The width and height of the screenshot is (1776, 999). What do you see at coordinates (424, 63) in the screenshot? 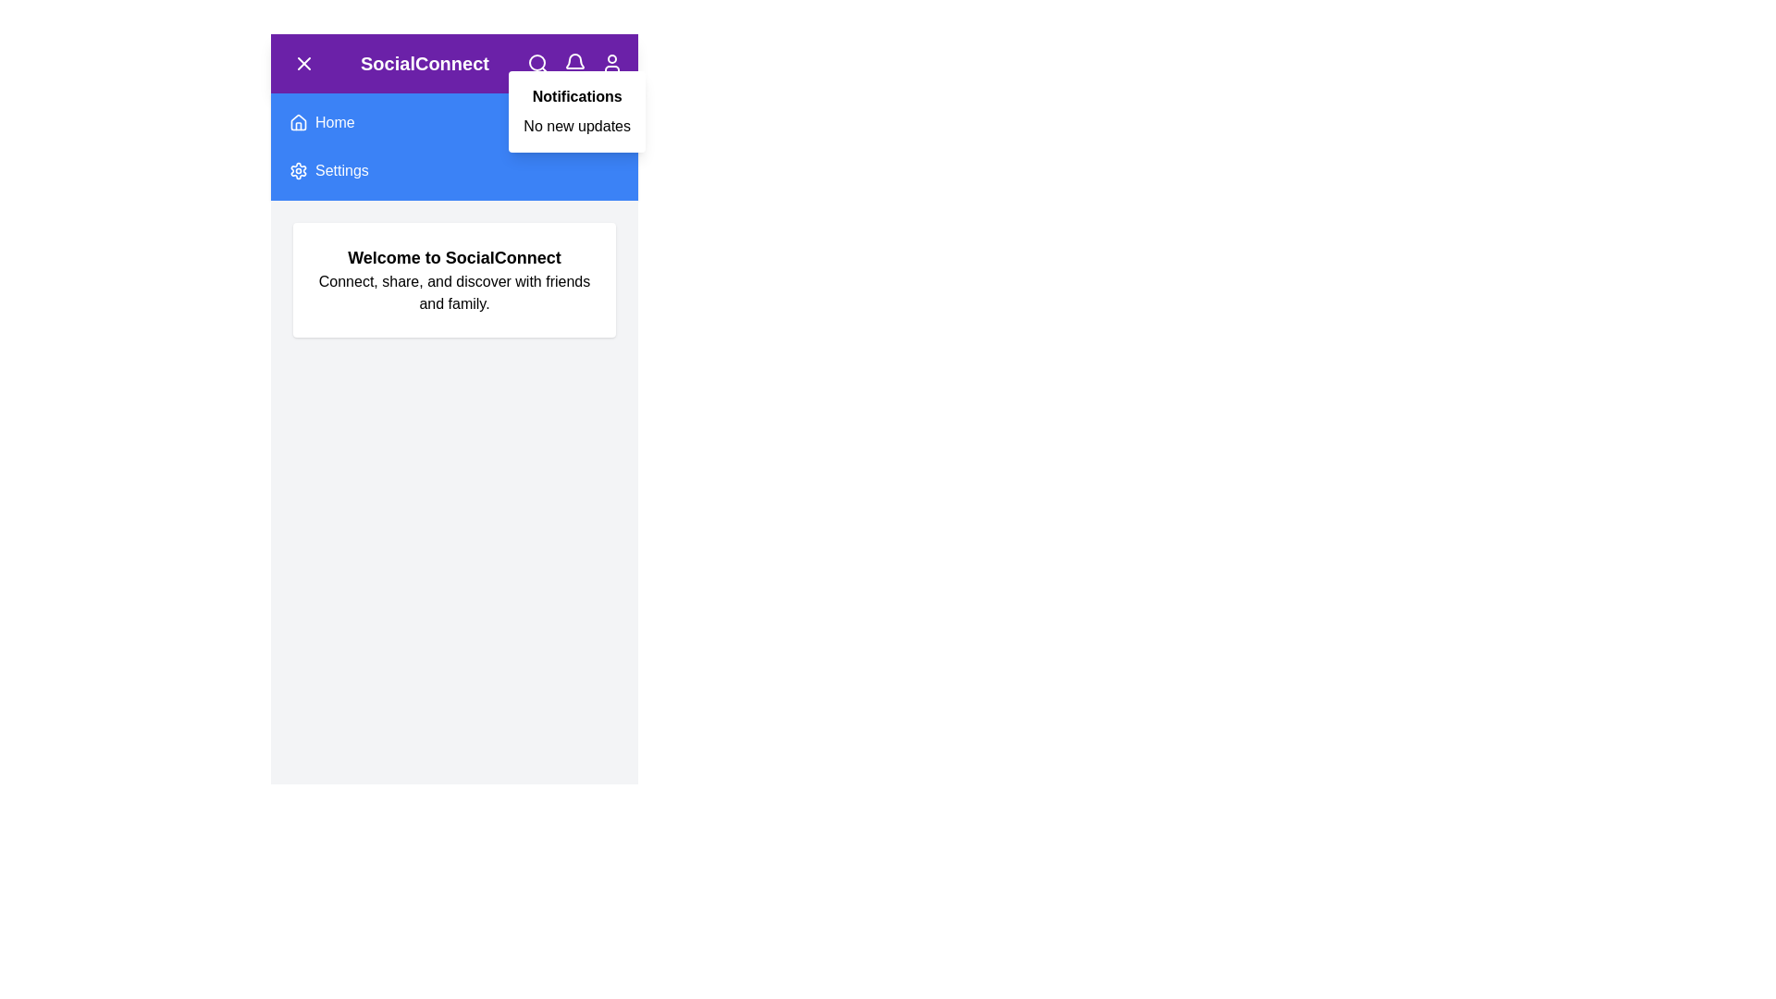
I see `the title text 'SocialConnect' in the app bar` at bounding box center [424, 63].